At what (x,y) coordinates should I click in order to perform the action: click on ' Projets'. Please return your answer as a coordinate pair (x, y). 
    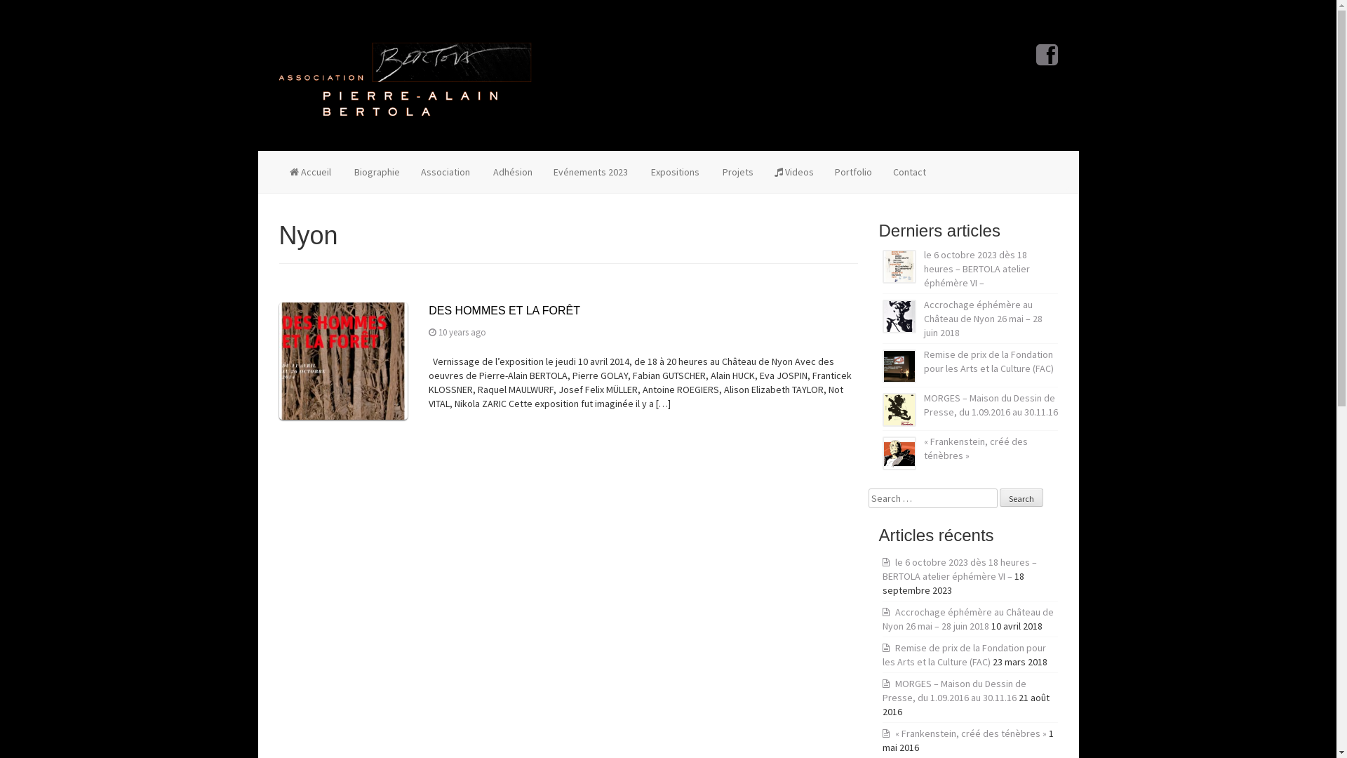
    Looking at the image, I should click on (710, 171).